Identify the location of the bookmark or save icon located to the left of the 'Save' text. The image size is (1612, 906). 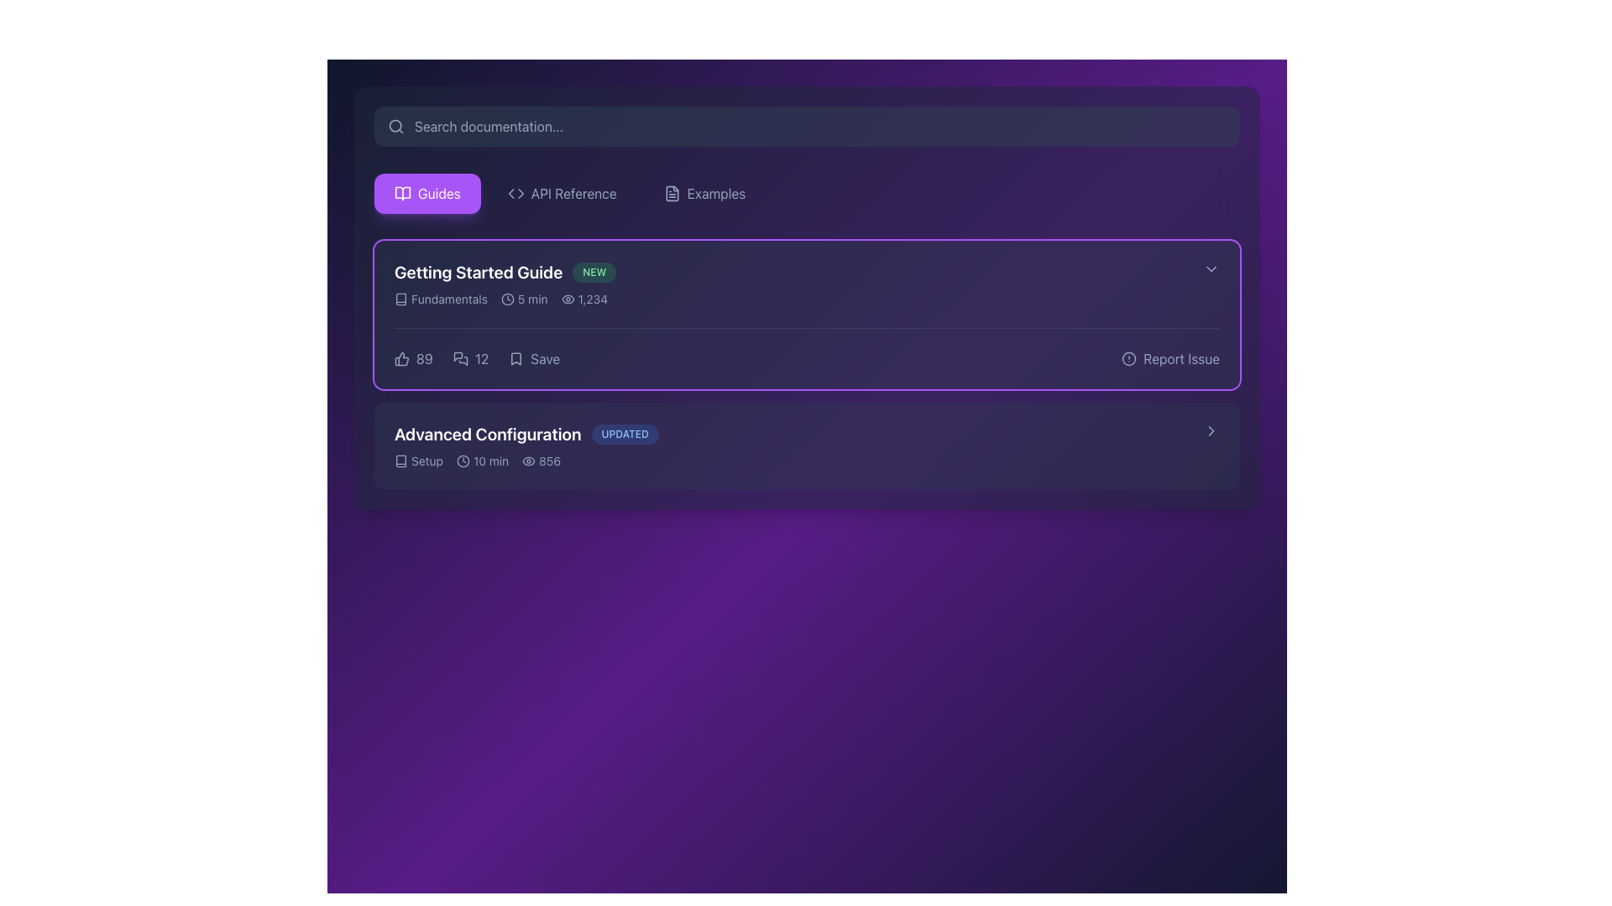
(516, 358).